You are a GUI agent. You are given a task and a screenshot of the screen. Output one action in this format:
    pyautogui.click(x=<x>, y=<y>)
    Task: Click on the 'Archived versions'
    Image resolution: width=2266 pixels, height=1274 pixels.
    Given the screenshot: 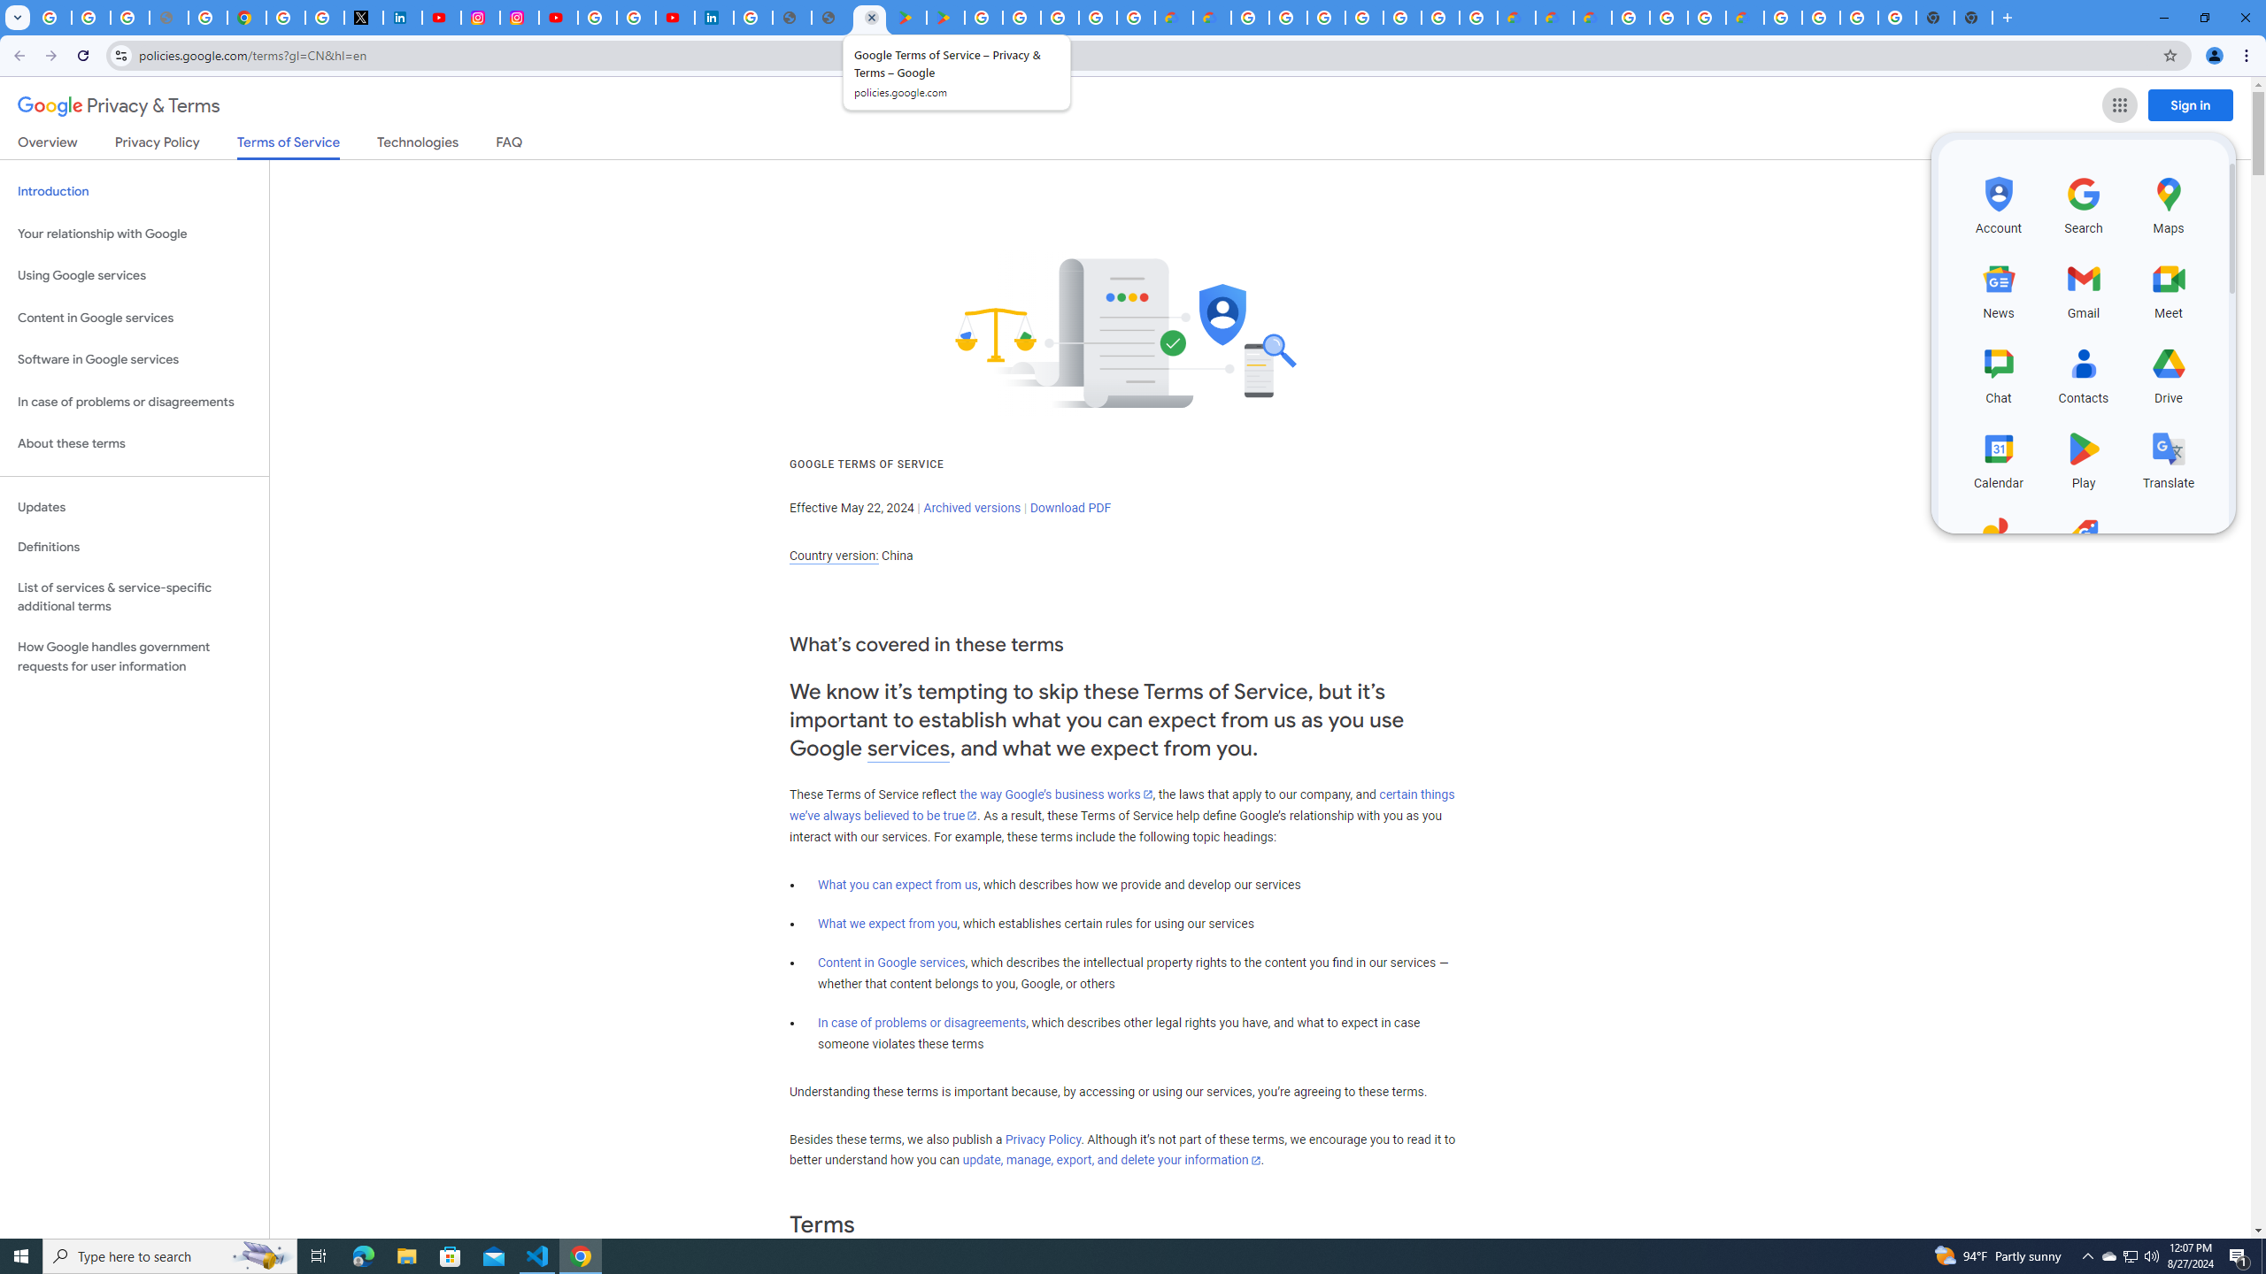 What is the action you would take?
    pyautogui.click(x=971, y=506)
    